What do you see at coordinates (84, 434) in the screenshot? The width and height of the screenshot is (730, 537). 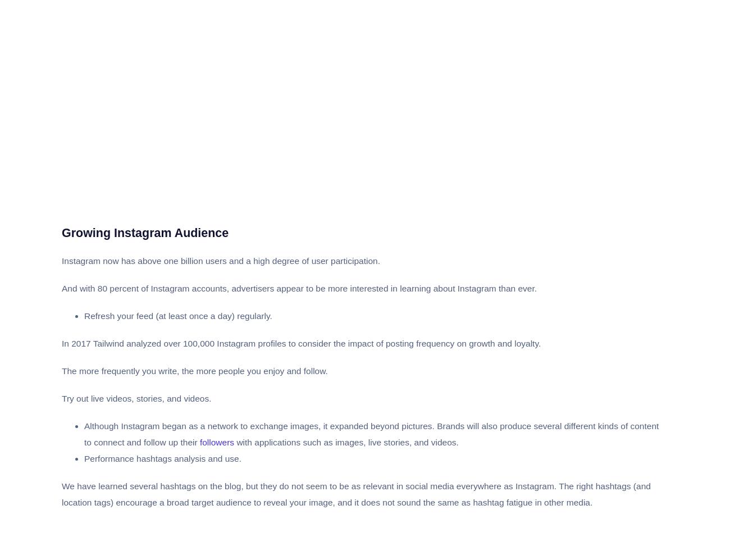 I see `'Although Instagram began as a network to exchange images, it expanded beyond pictures. Brands will also produce several different kinds of content to connect and follow up their'` at bounding box center [84, 434].